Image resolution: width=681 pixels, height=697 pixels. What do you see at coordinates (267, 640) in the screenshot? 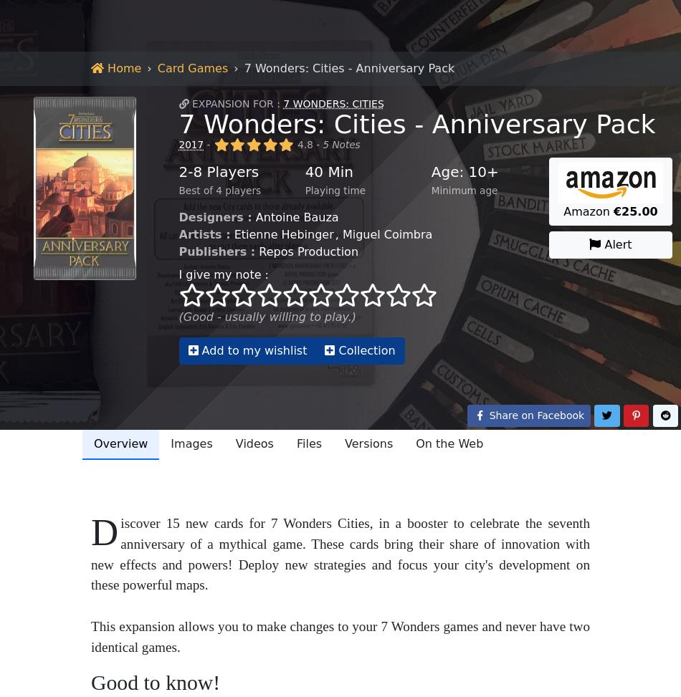
I see `'2017'` at bounding box center [267, 640].